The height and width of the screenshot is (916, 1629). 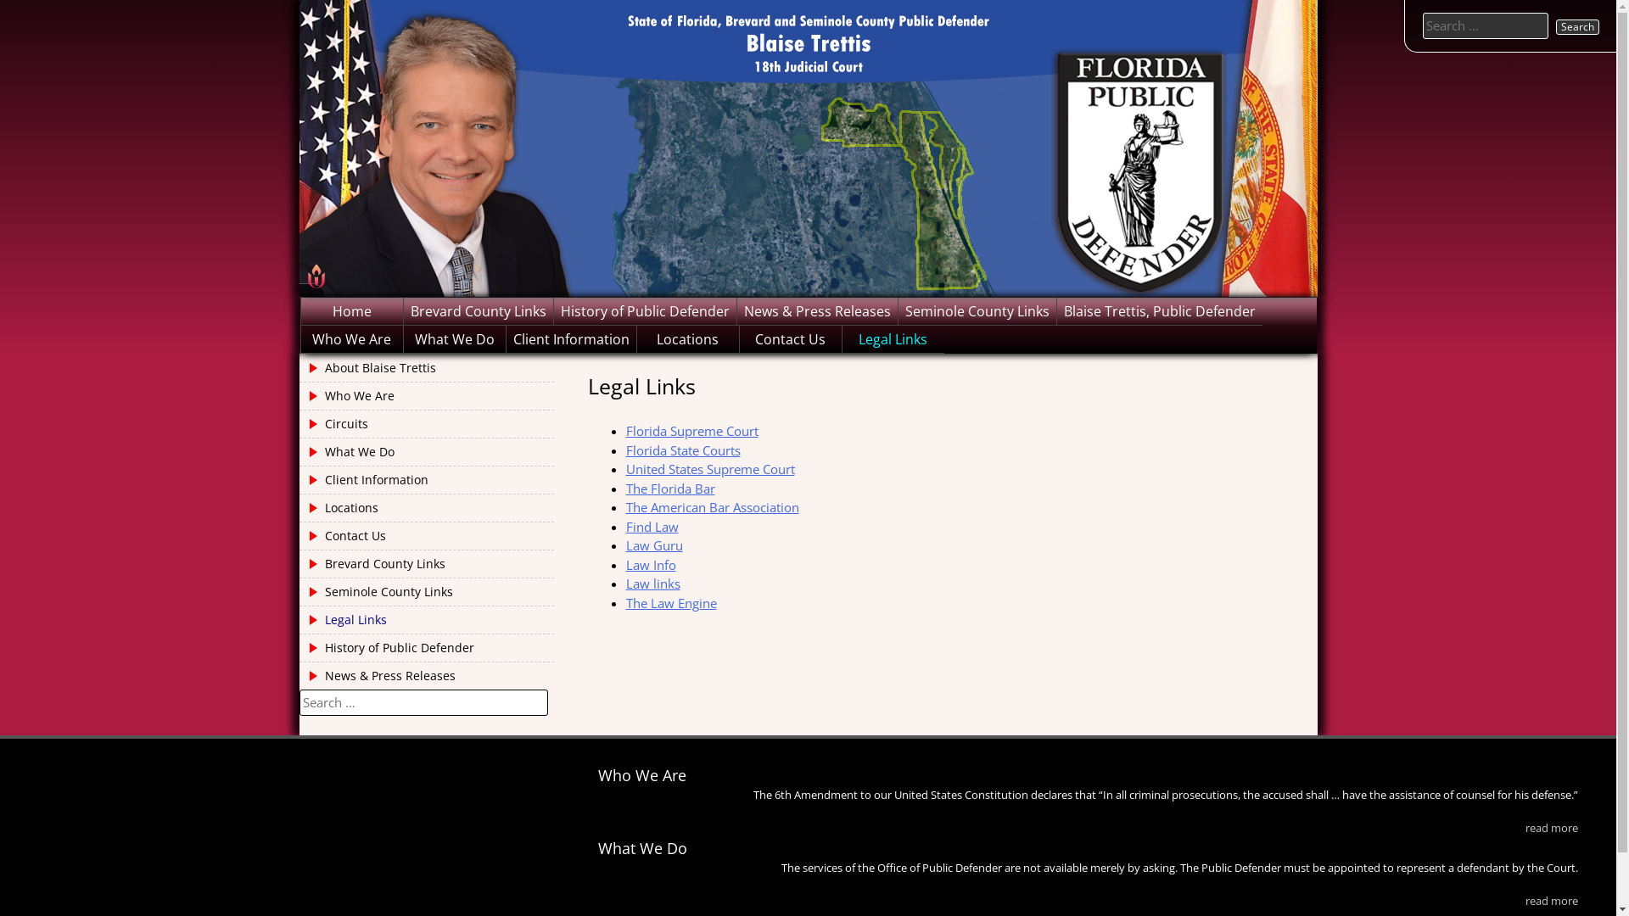 What do you see at coordinates (643, 310) in the screenshot?
I see `'History of Public Defender'` at bounding box center [643, 310].